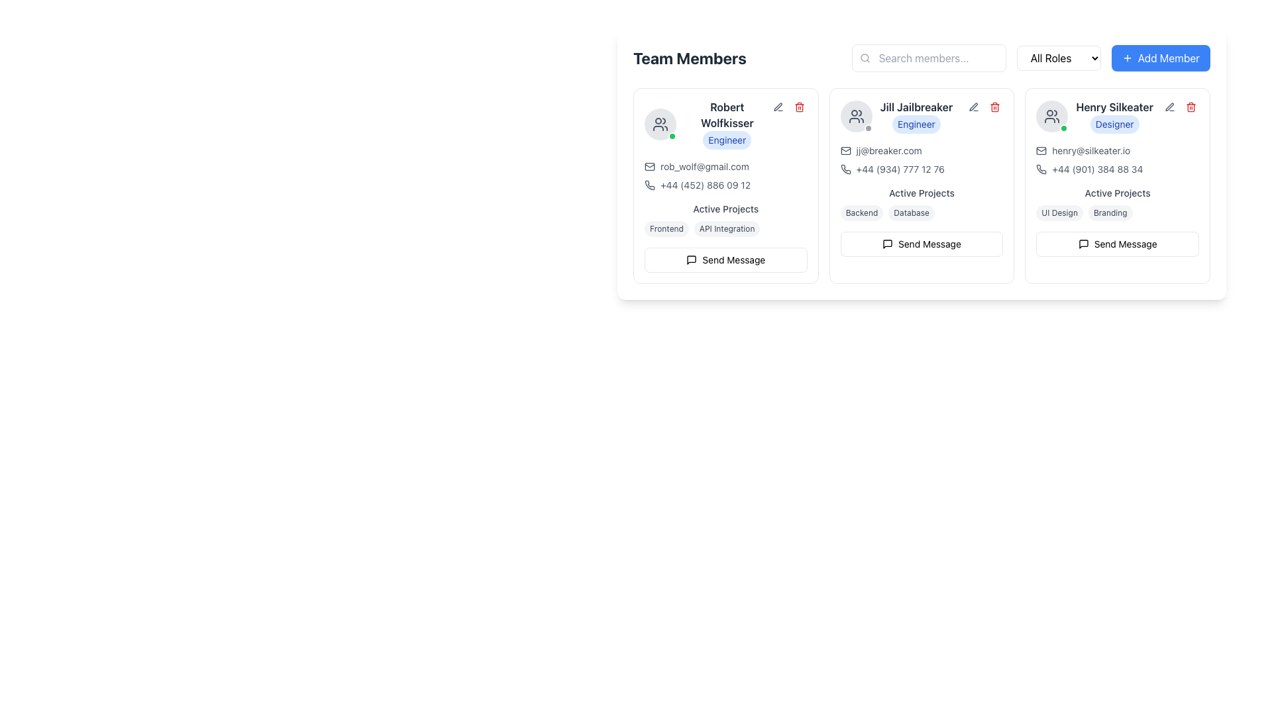 The height and width of the screenshot is (715, 1272). What do you see at coordinates (911, 212) in the screenshot?
I see `the small, rounded label with light gray background and dark gray text that reads 'Database', which is the second tag in the 'Active Projects' section of Jill Jailbreaker's user card` at bounding box center [911, 212].